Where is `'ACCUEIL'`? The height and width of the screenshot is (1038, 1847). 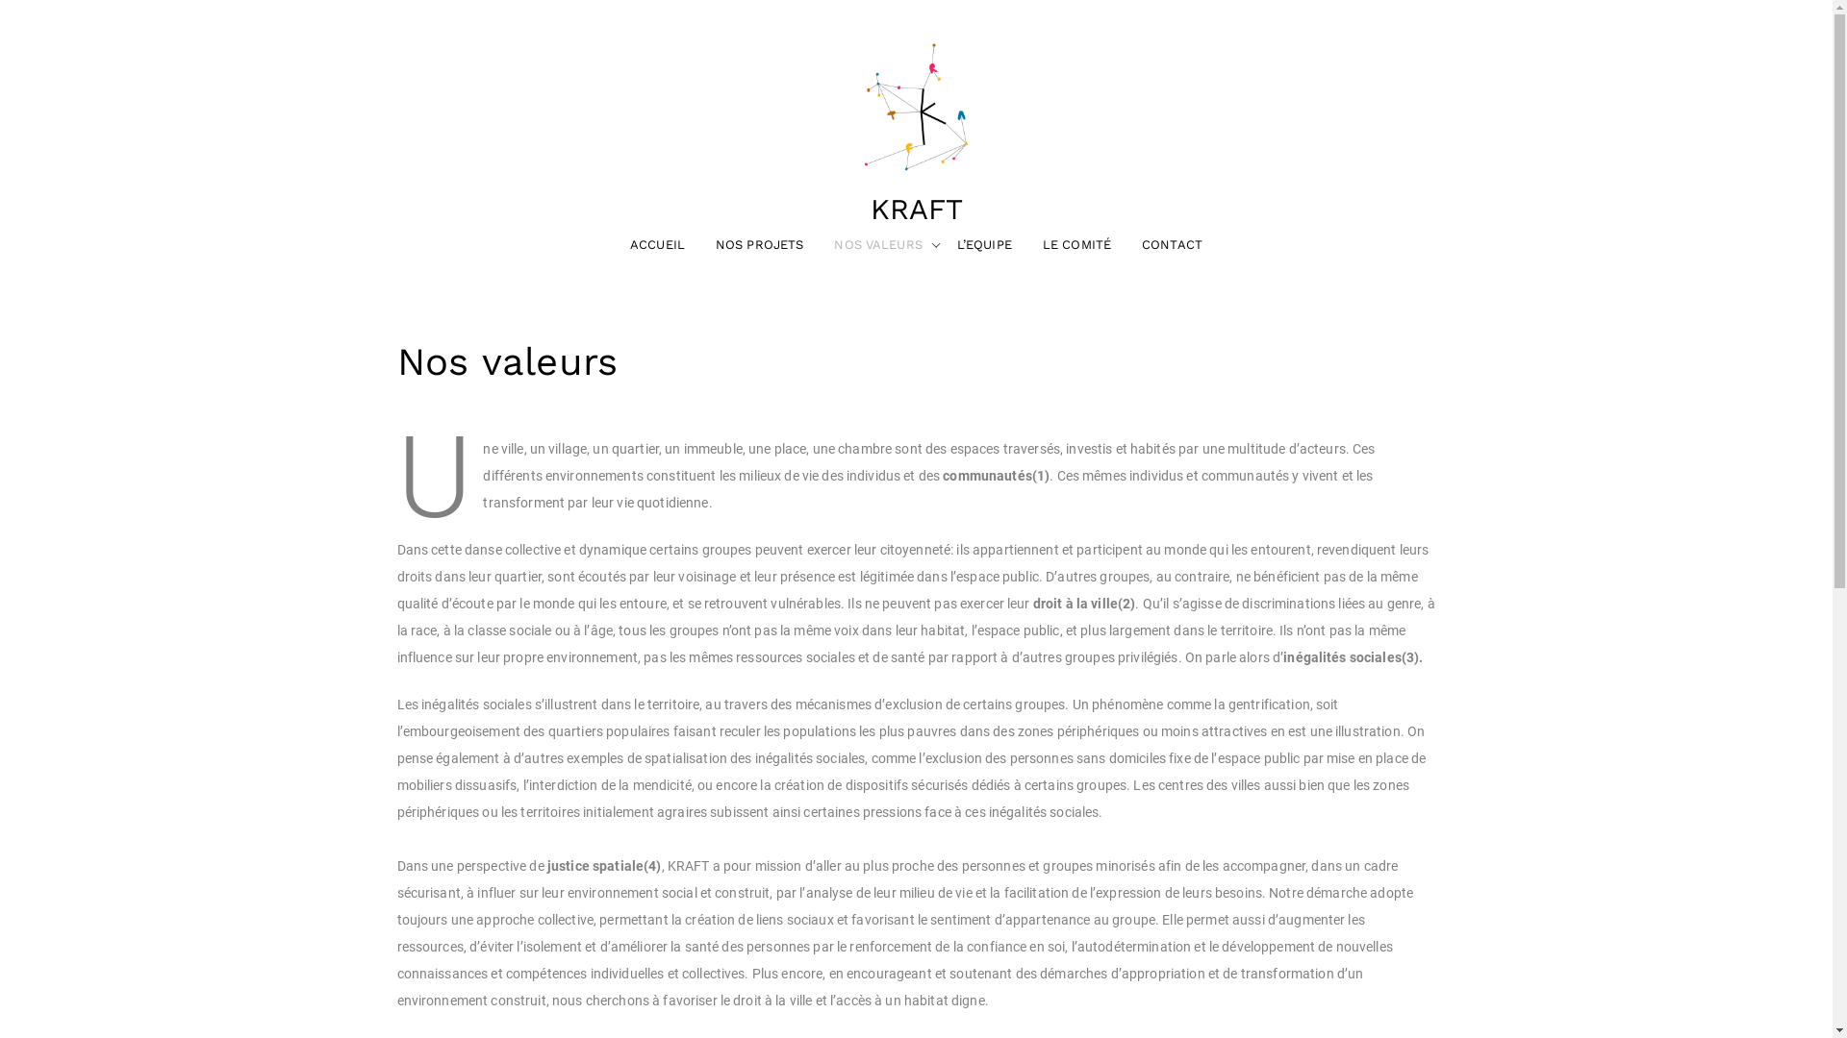 'ACCUEIL' is located at coordinates (657, 243).